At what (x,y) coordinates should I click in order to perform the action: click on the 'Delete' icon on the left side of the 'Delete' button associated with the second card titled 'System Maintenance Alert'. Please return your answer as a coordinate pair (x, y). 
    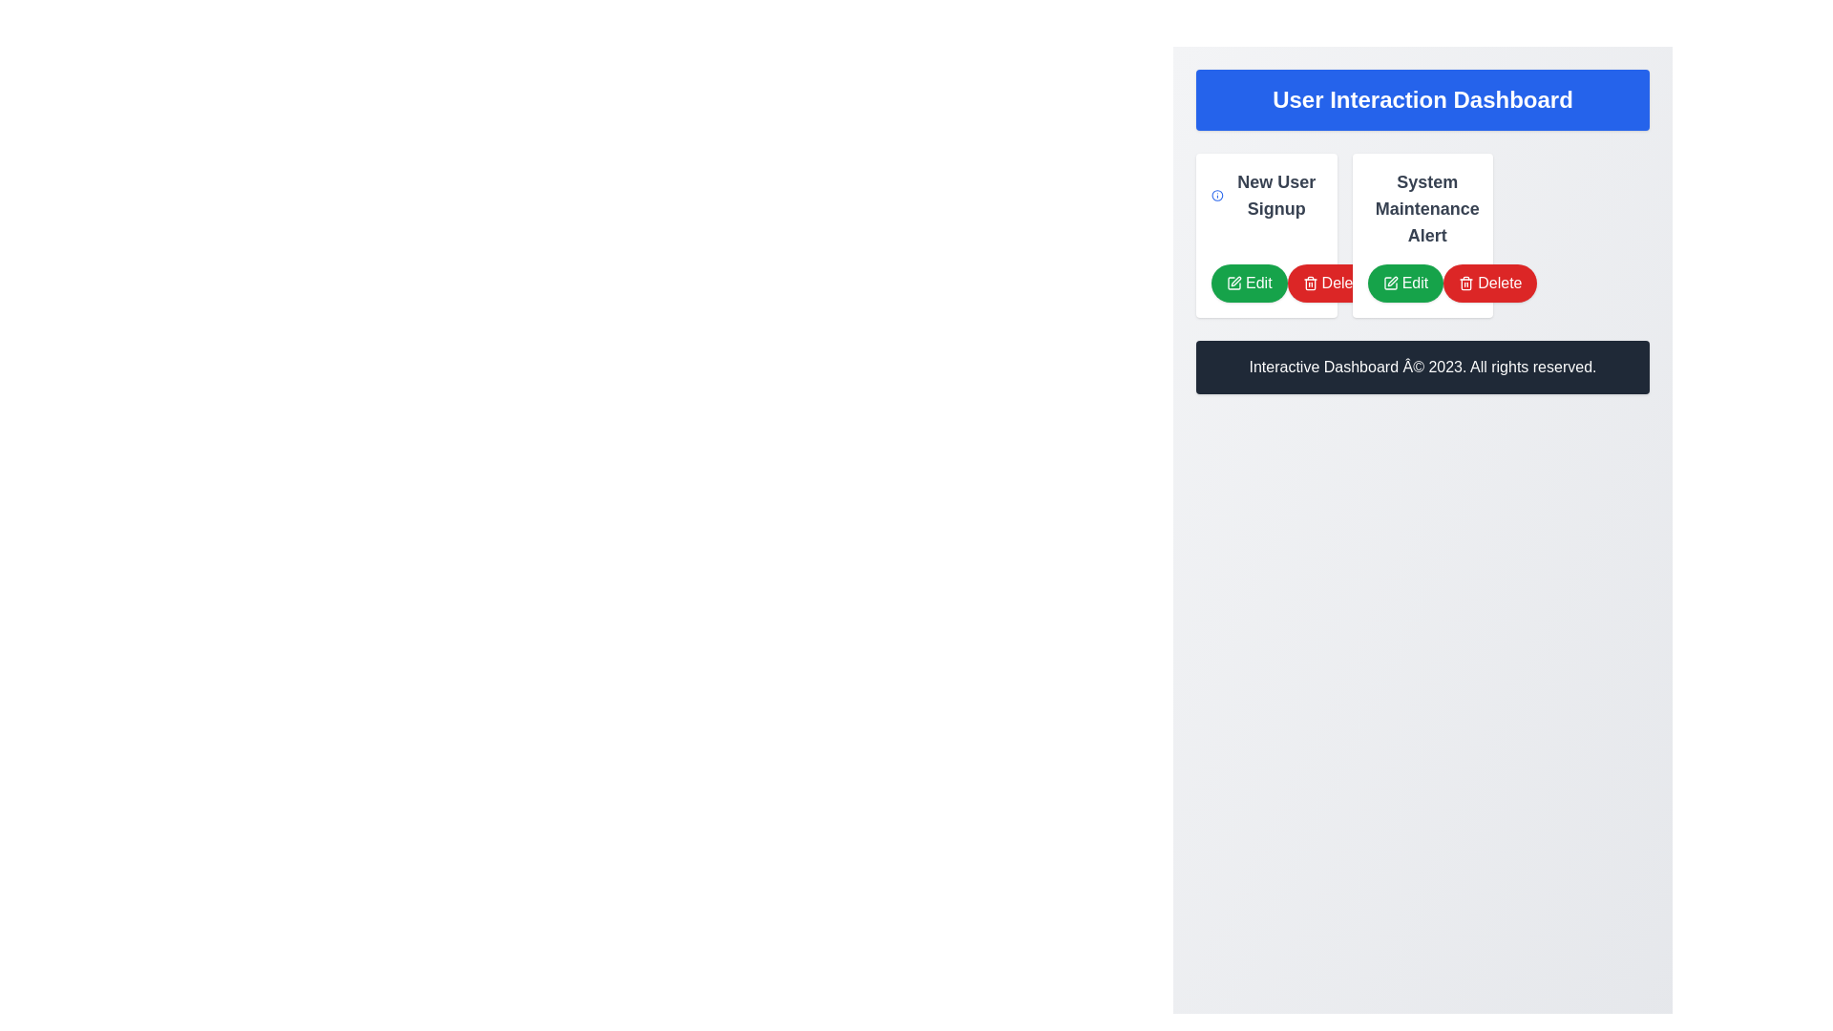
    Looking at the image, I should click on (1465, 284).